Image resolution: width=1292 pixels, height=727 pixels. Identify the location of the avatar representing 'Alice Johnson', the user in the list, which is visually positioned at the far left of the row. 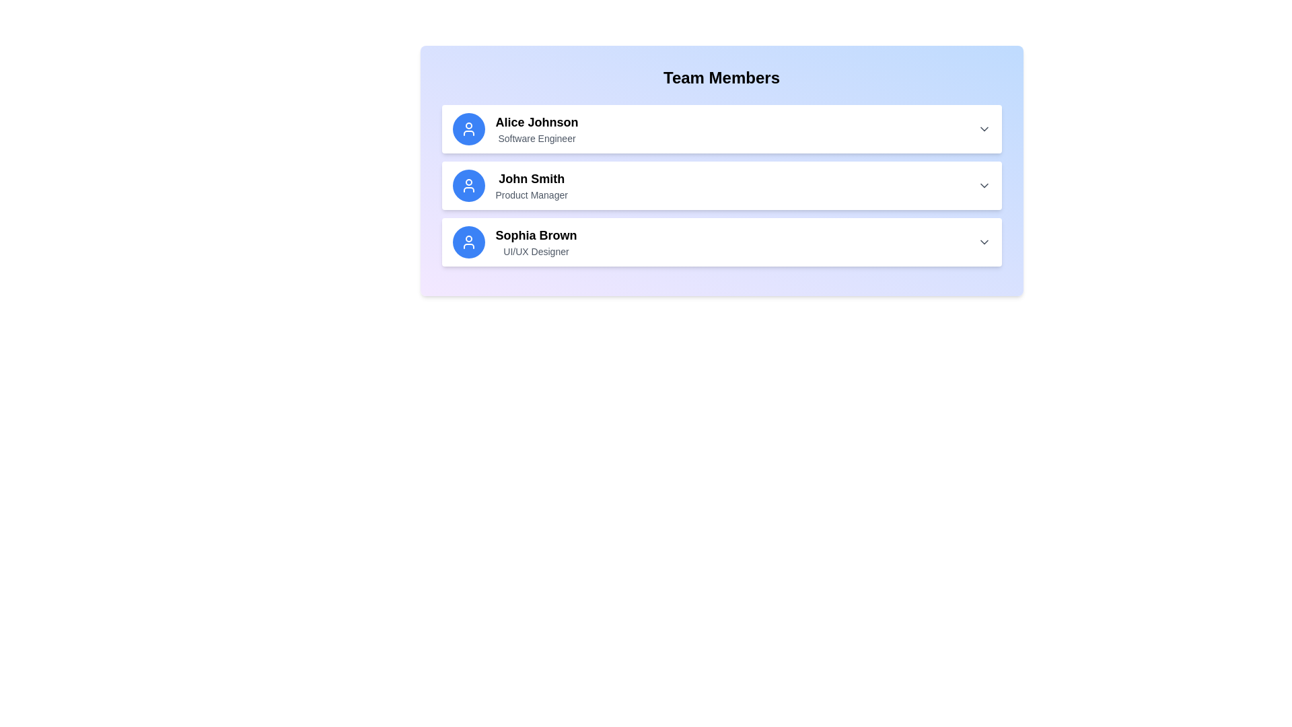
(468, 129).